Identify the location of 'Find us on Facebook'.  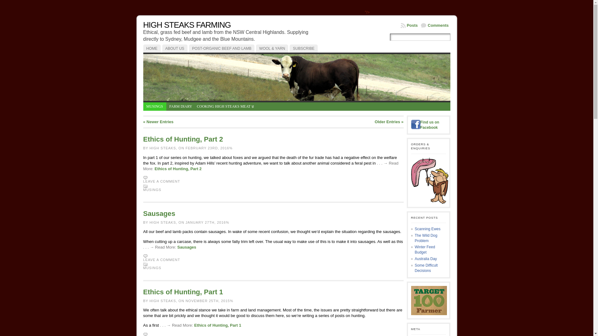
(430, 125).